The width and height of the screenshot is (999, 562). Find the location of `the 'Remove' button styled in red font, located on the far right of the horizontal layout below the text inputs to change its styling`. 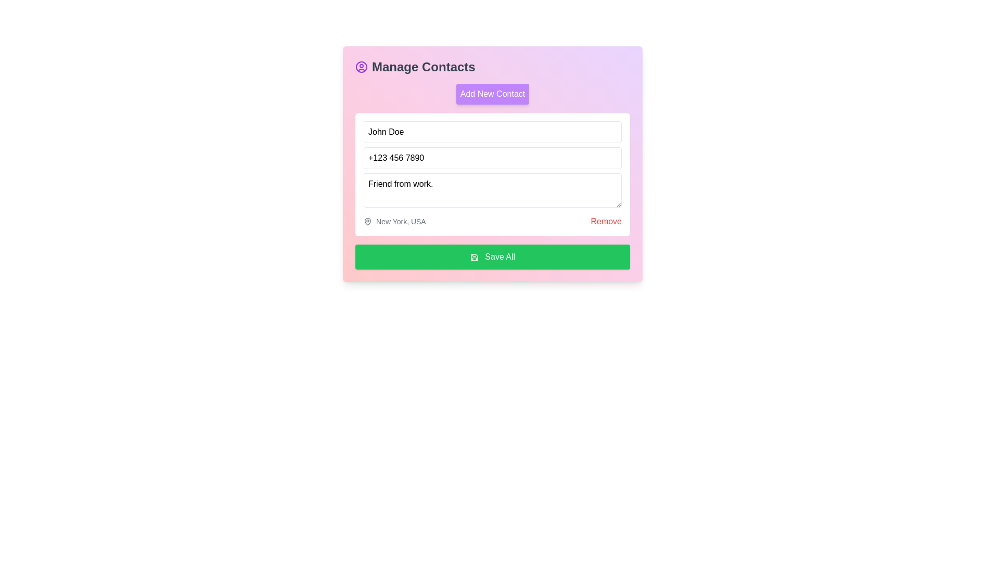

the 'Remove' button styled in red font, located on the far right of the horizontal layout below the text inputs to change its styling is located at coordinates (606, 221).